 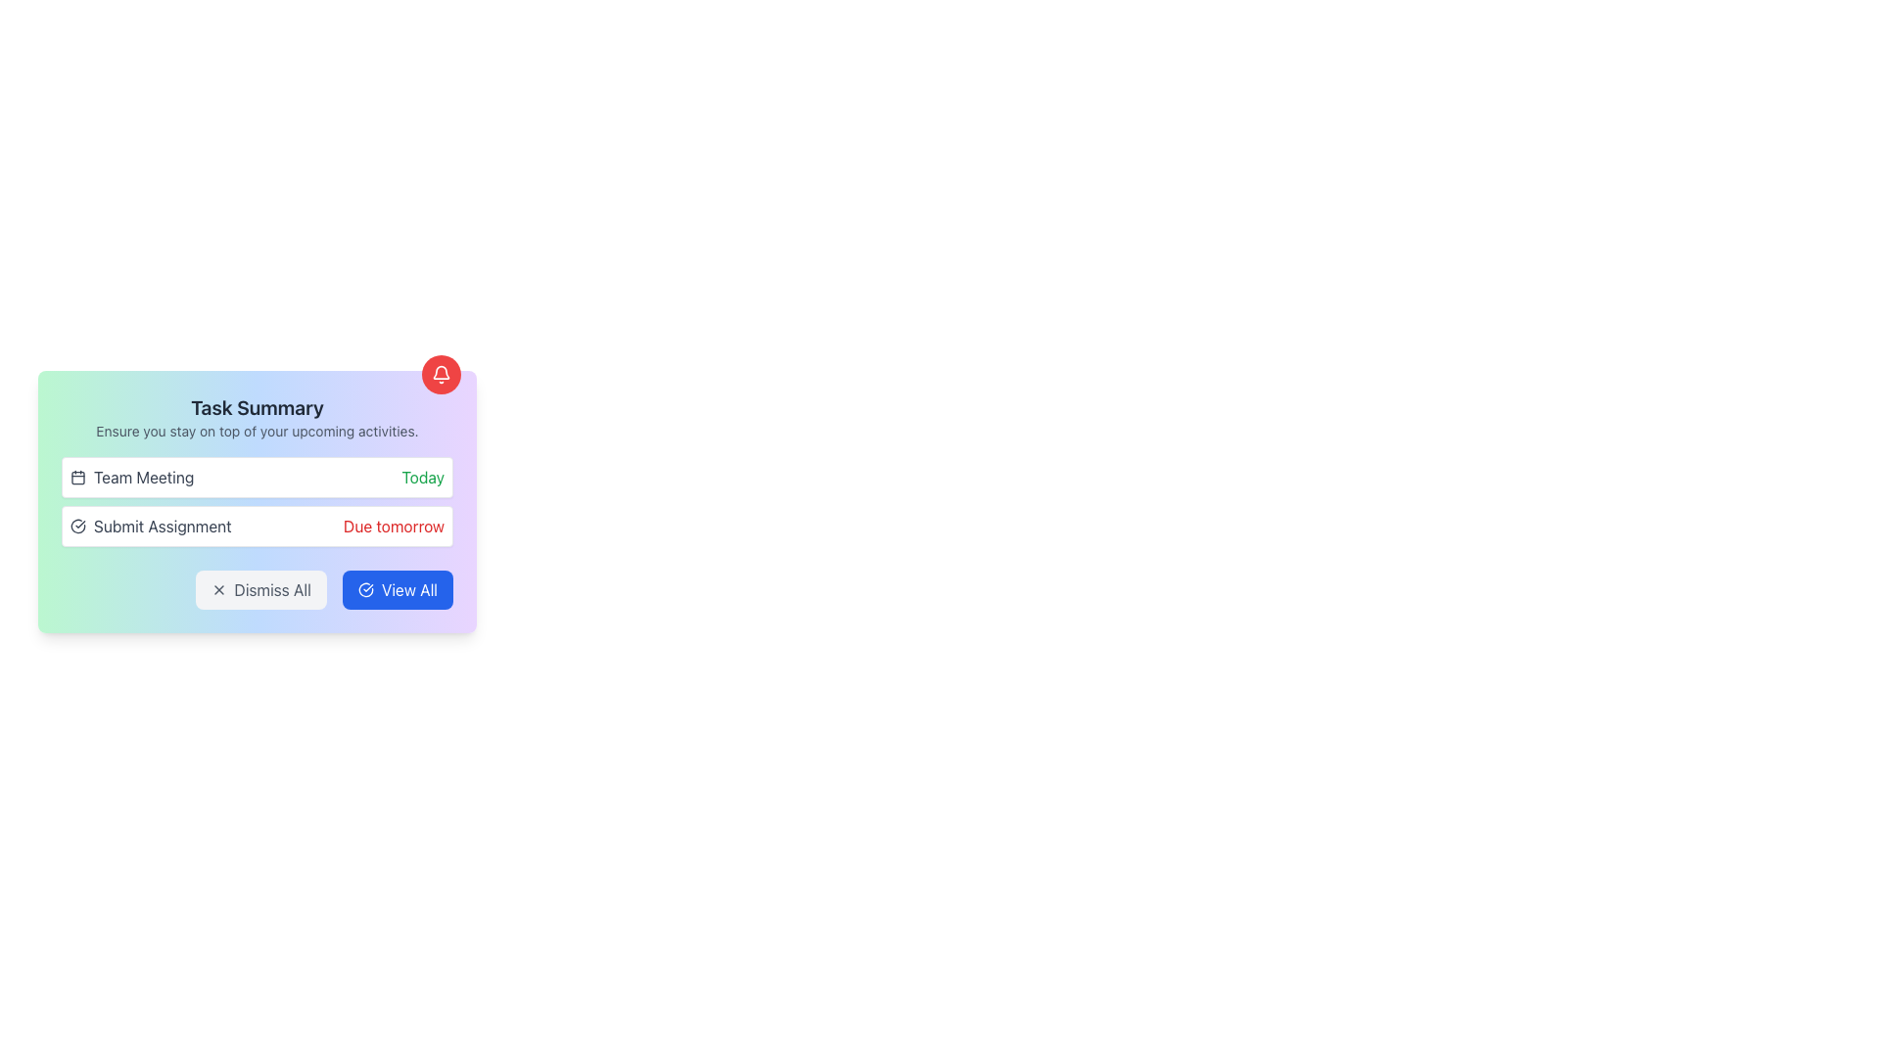 I want to click on the circular red button with a white bell icon located at the top right corner of the panel, so click(x=441, y=374).